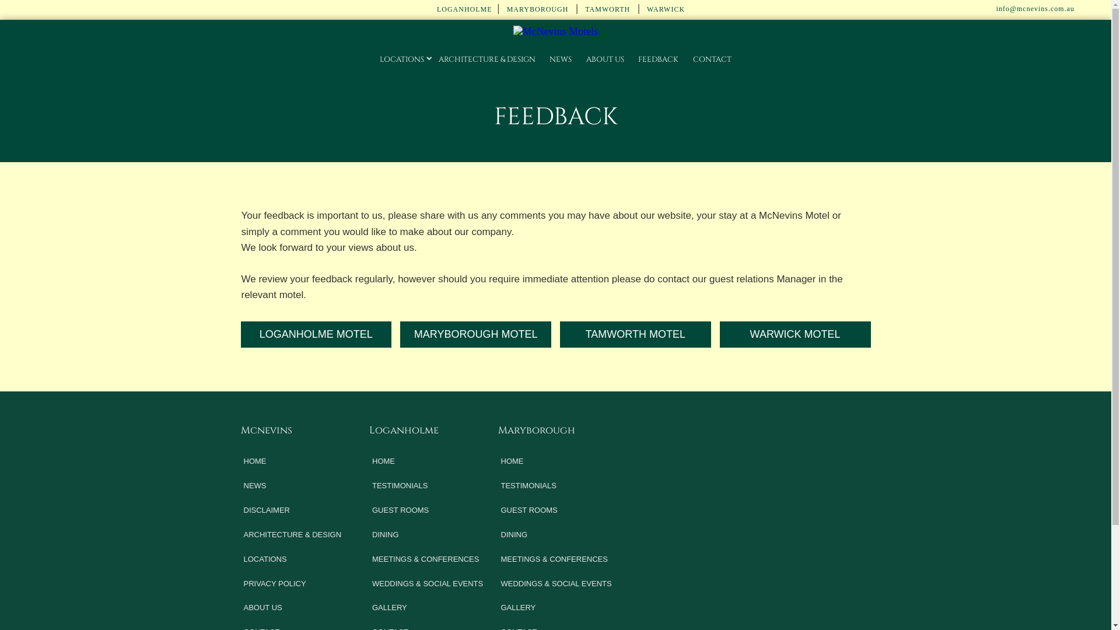 This screenshot has width=1120, height=630. Describe the element at coordinates (606, 9) in the screenshot. I see `'  TAMWORTH'` at that location.